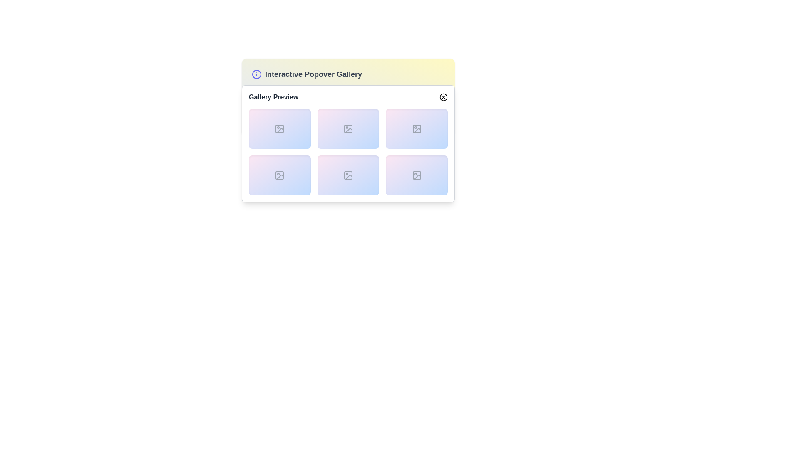  I want to click on the picture frame icon within the 'Gallery Preview' popover, which is styled with a gray color and positioned in the third column of the second row of a 2x3 grid layout, so click(348, 175).